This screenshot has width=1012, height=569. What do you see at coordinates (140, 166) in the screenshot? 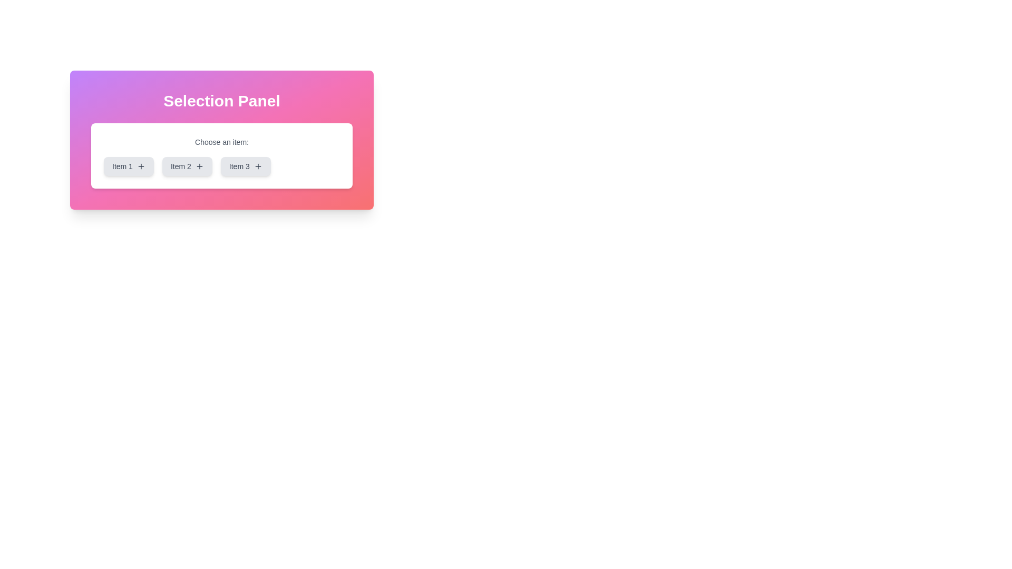
I see `the 'Item 1' button` at bounding box center [140, 166].